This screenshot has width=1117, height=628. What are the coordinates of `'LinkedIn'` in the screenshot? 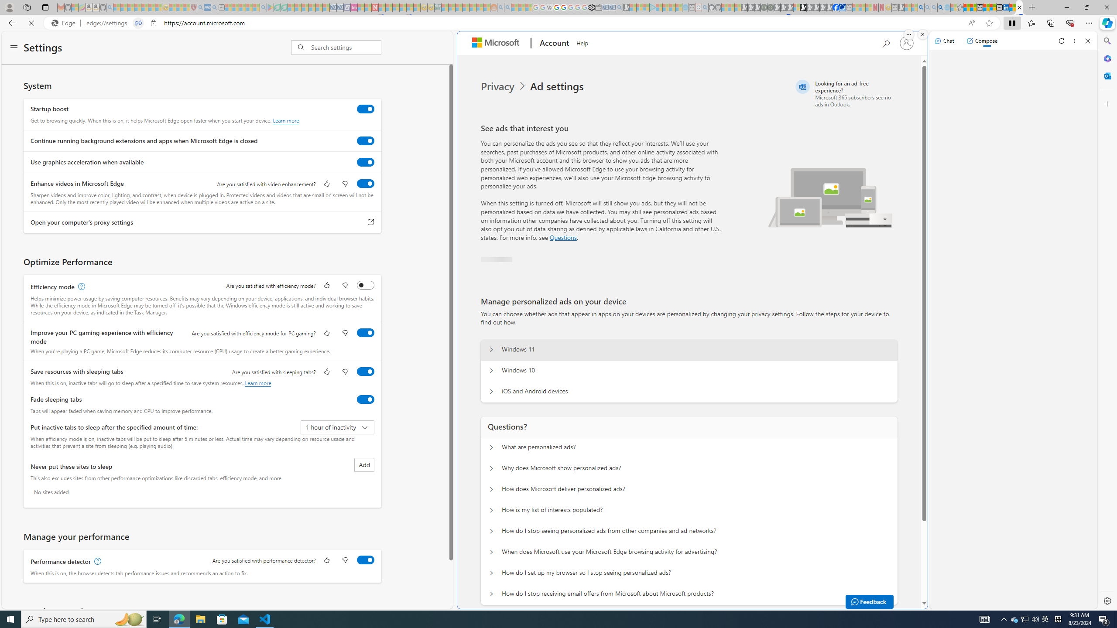 It's located at (1006, 7).